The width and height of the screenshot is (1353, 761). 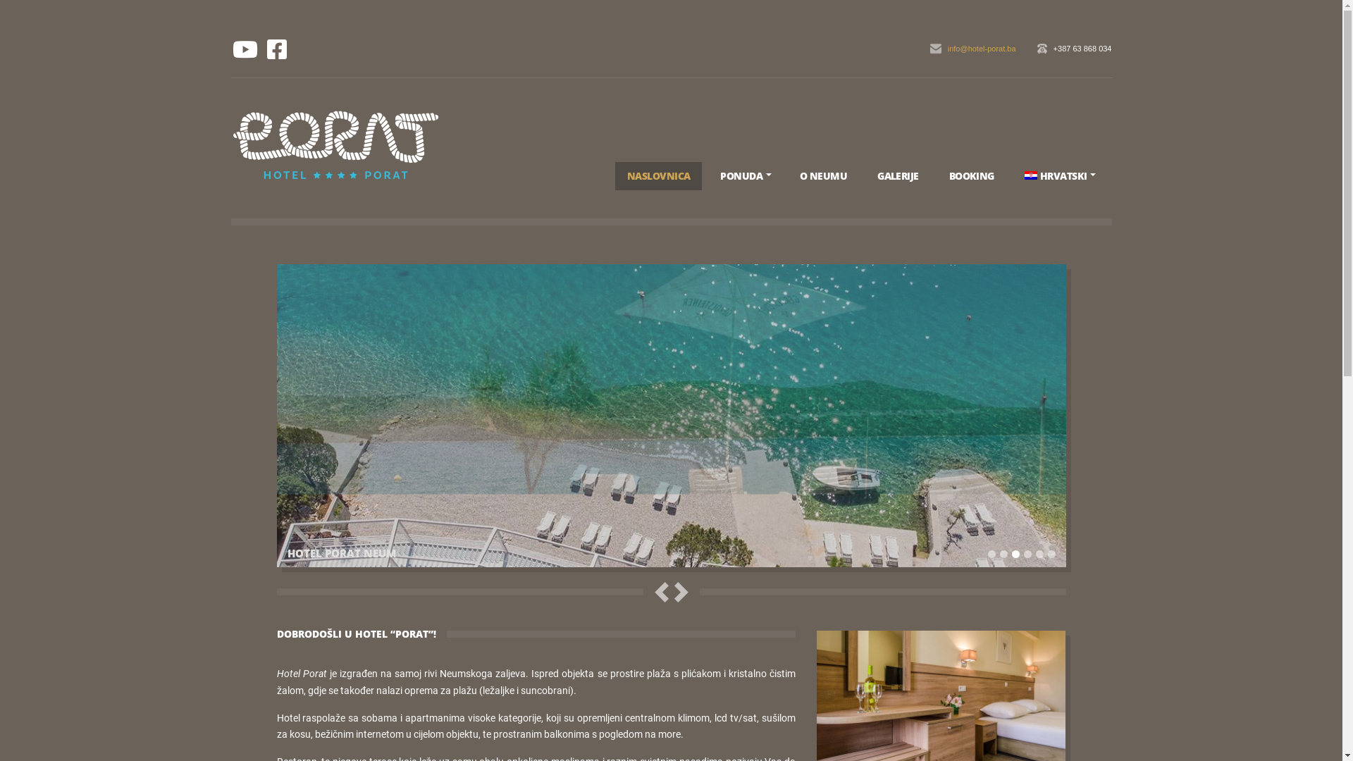 What do you see at coordinates (743, 175) in the screenshot?
I see `'PONUDA'` at bounding box center [743, 175].